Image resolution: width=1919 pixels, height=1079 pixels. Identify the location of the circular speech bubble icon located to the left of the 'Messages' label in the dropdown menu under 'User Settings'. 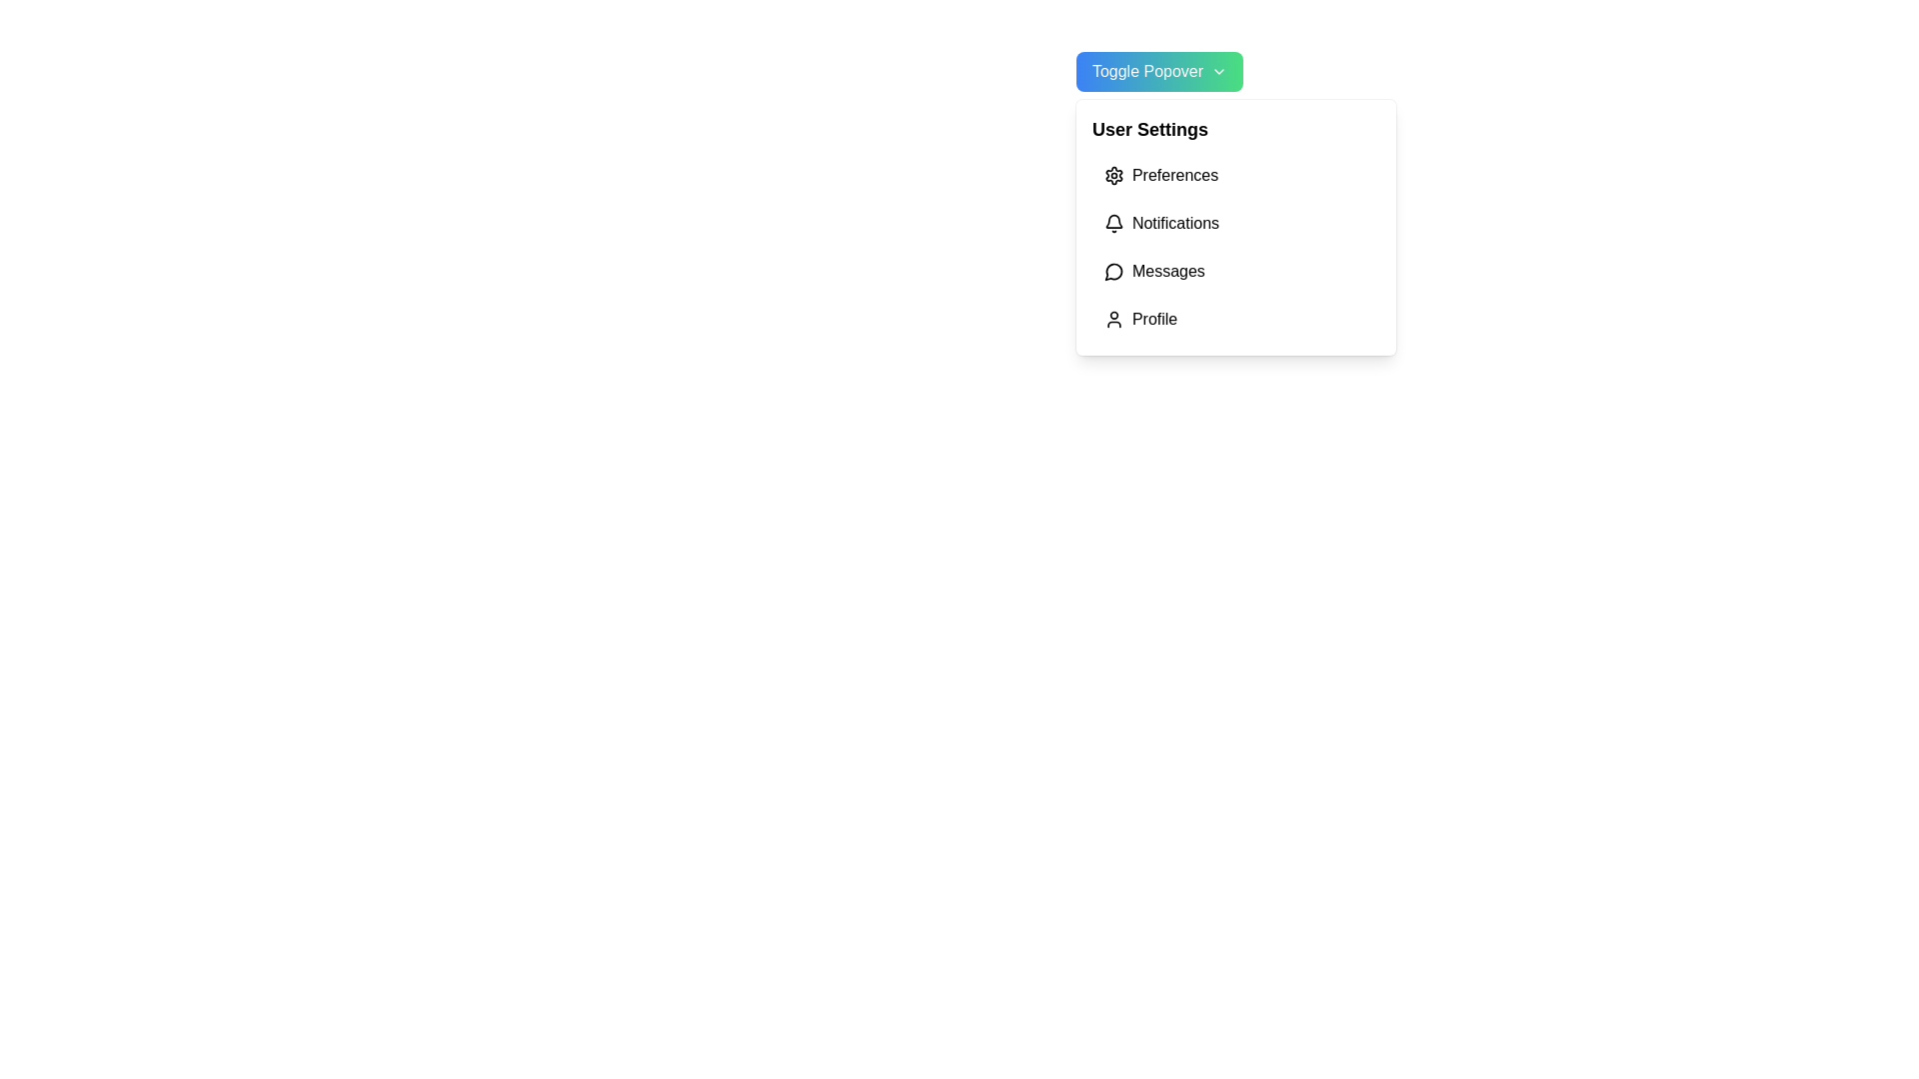
(1112, 272).